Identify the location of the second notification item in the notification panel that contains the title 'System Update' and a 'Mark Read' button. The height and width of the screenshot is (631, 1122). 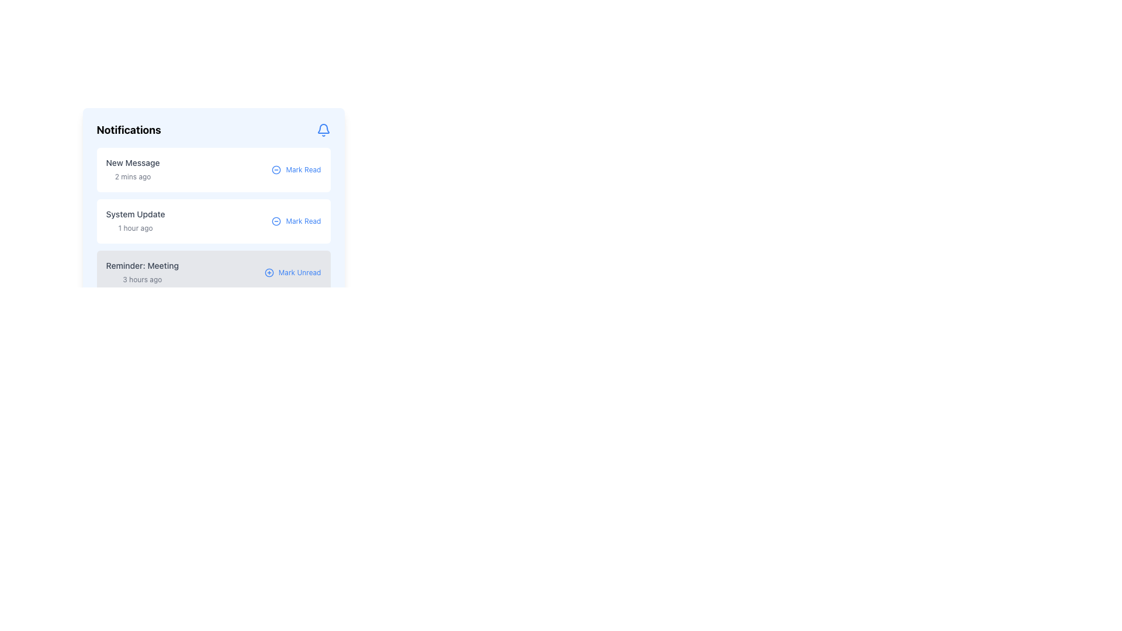
(213, 208).